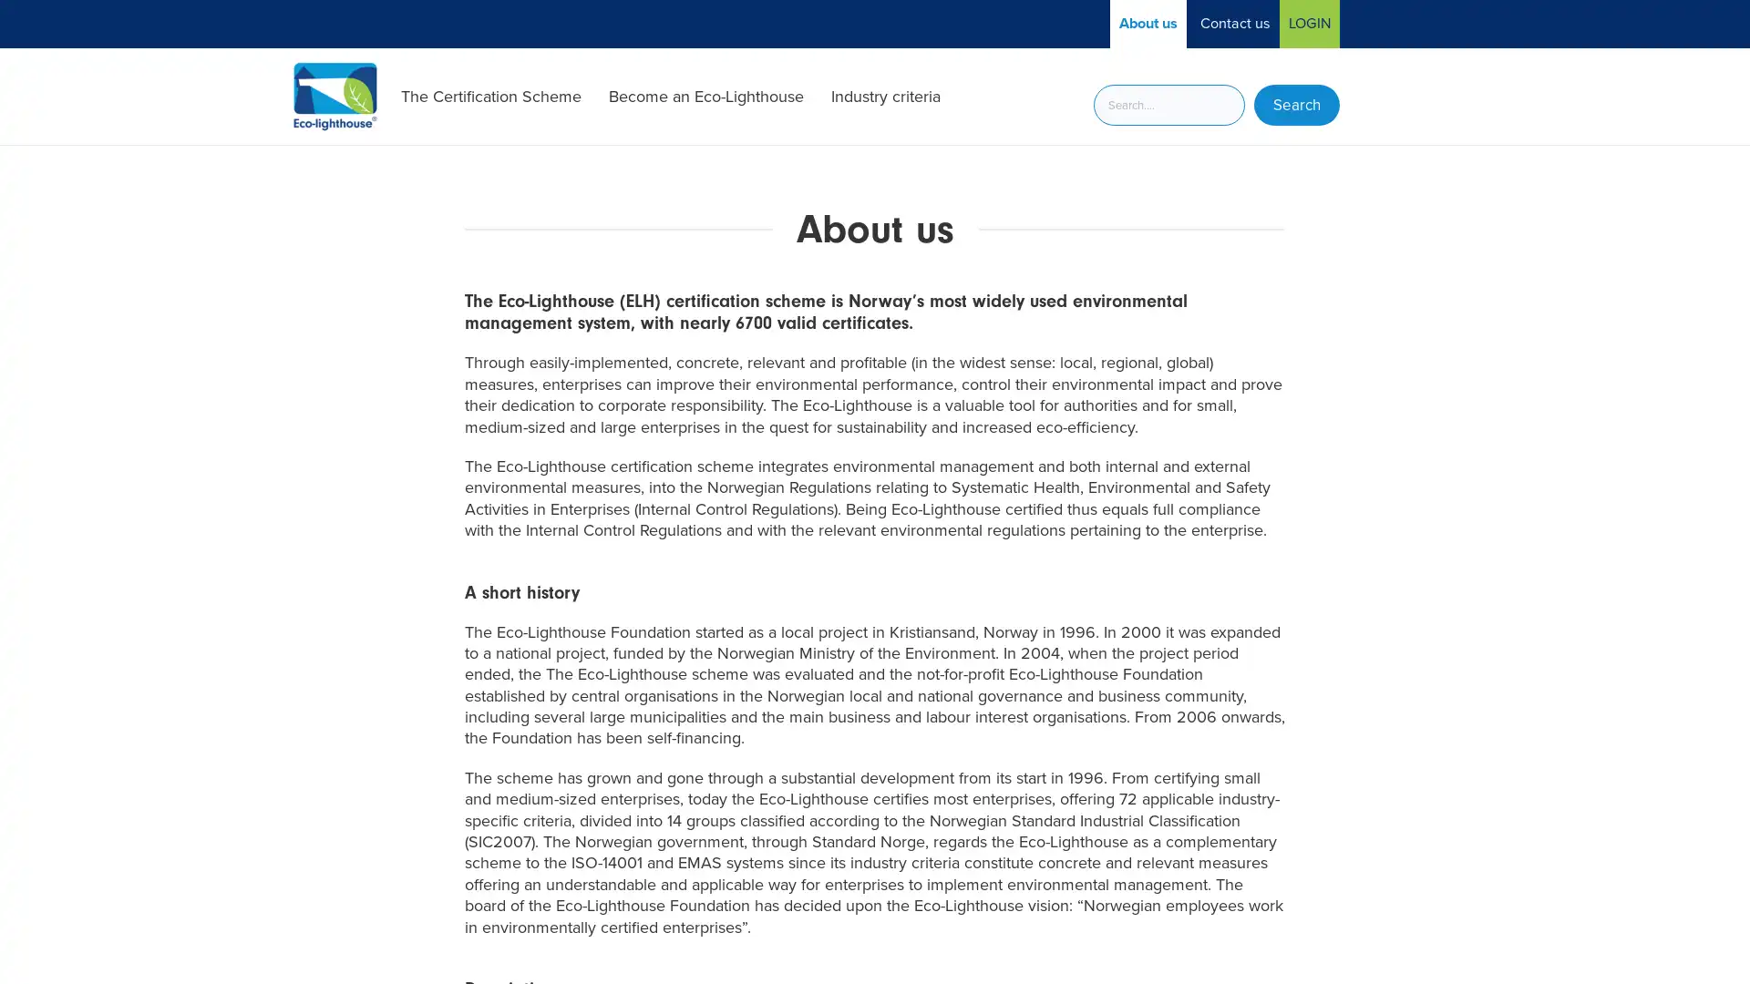 The image size is (1750, 984). I want to click on Search, so click(1295, 105).